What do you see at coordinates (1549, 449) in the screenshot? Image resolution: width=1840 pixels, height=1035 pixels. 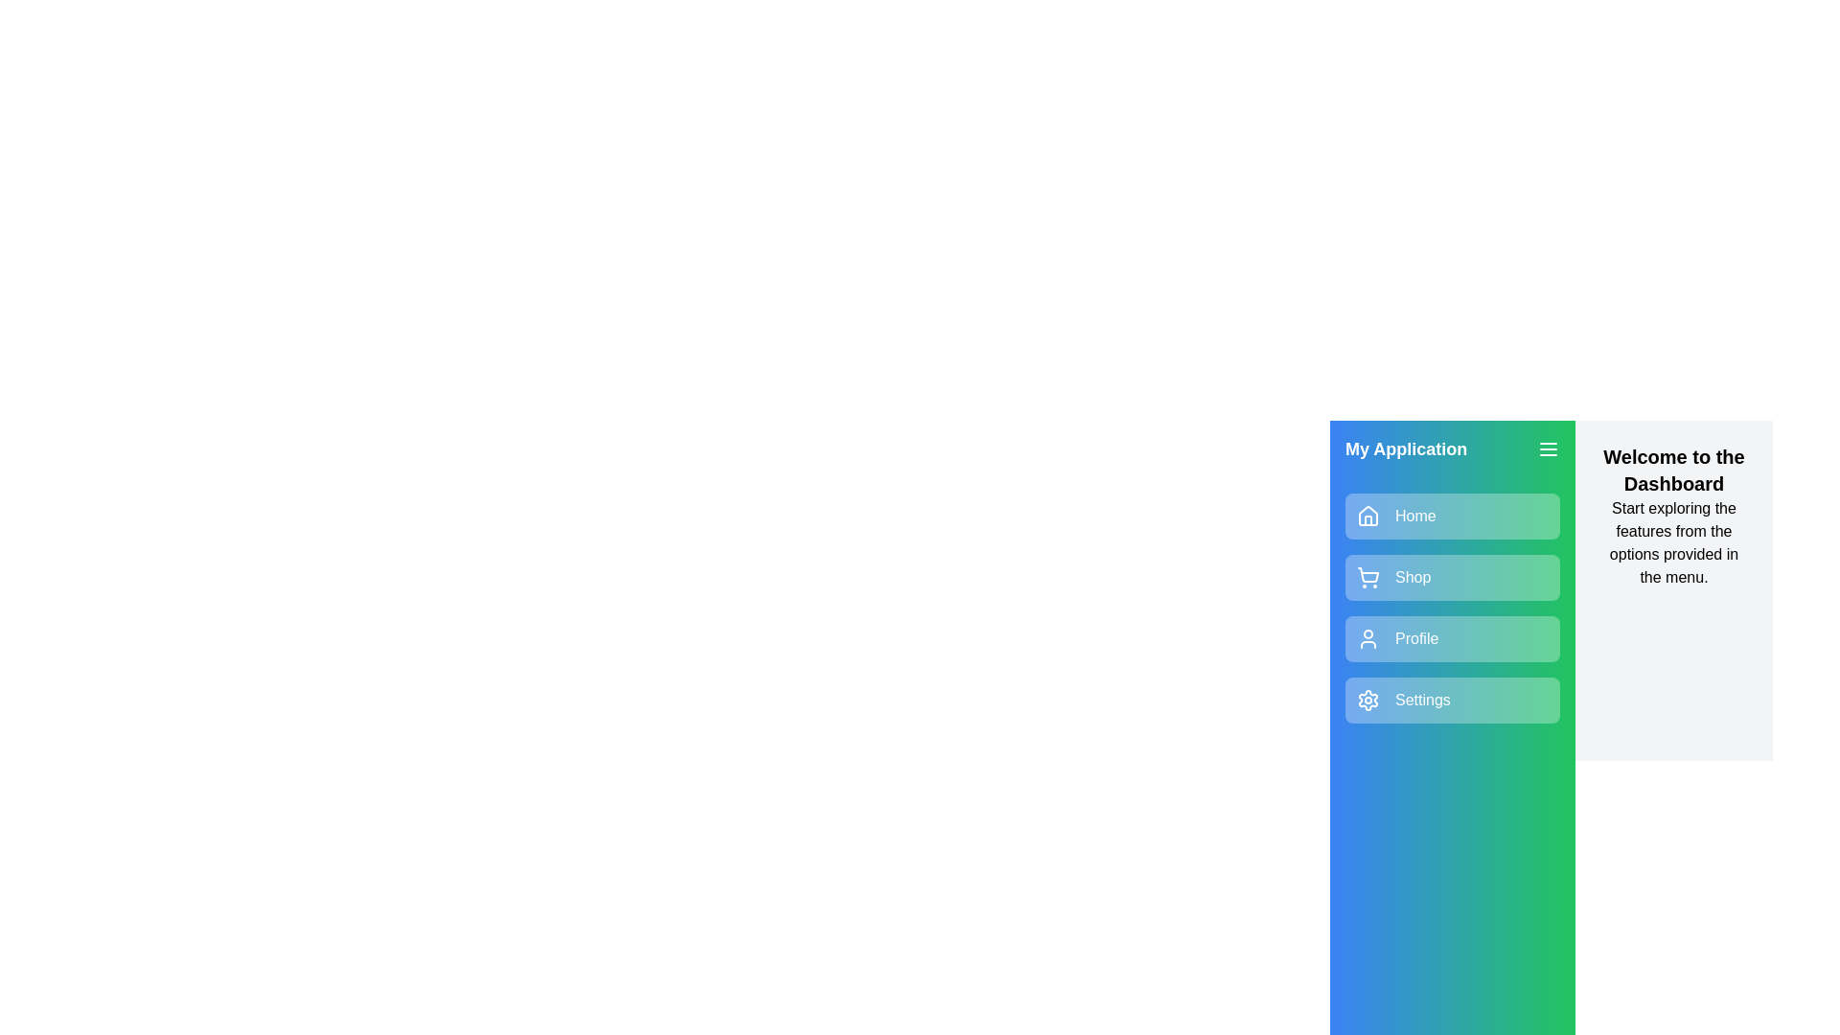 I see `the menu button to toggle the drawer visibility` at bounding box center [1549, 449].